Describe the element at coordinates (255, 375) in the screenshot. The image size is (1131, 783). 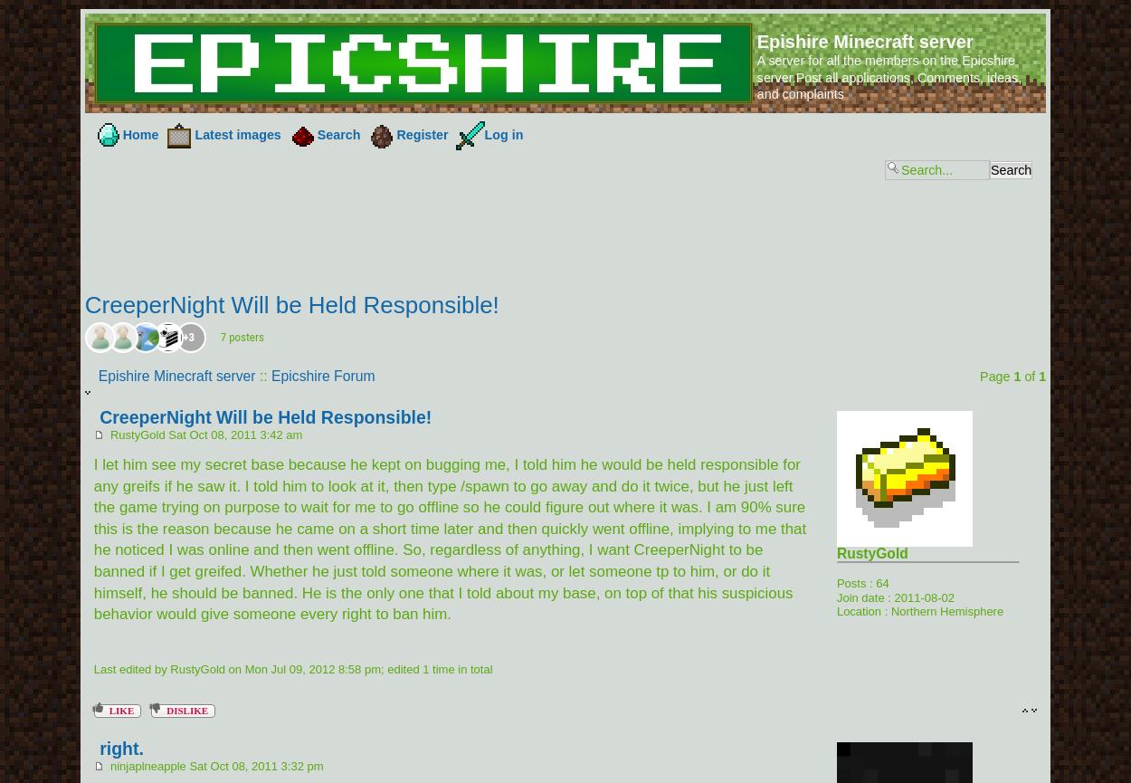
I see `'::'` at that location.